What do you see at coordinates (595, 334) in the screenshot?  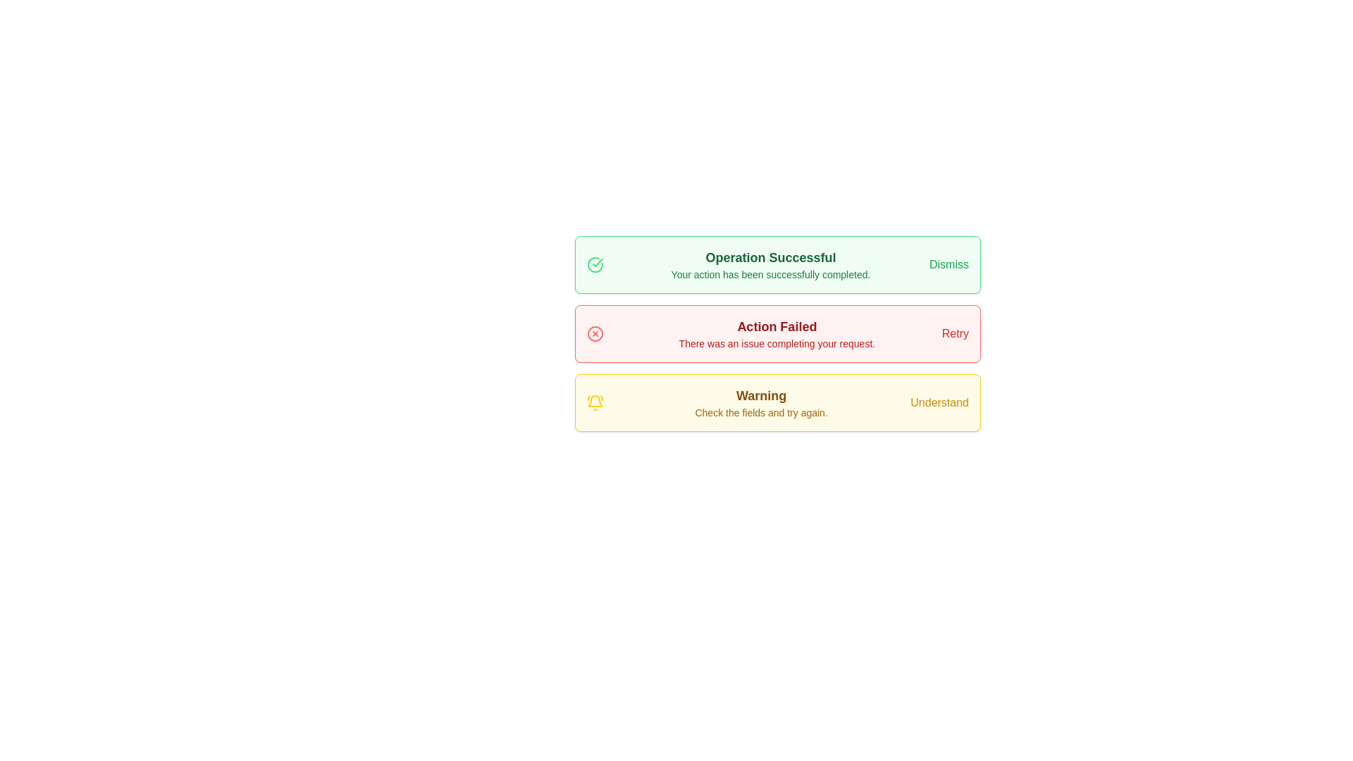 I see `the error icon located in the red 'Action Failed' banner, positioned to the left of the text 'Action Failed There was an issue completing your request.'` at bounding box center [595, 334].